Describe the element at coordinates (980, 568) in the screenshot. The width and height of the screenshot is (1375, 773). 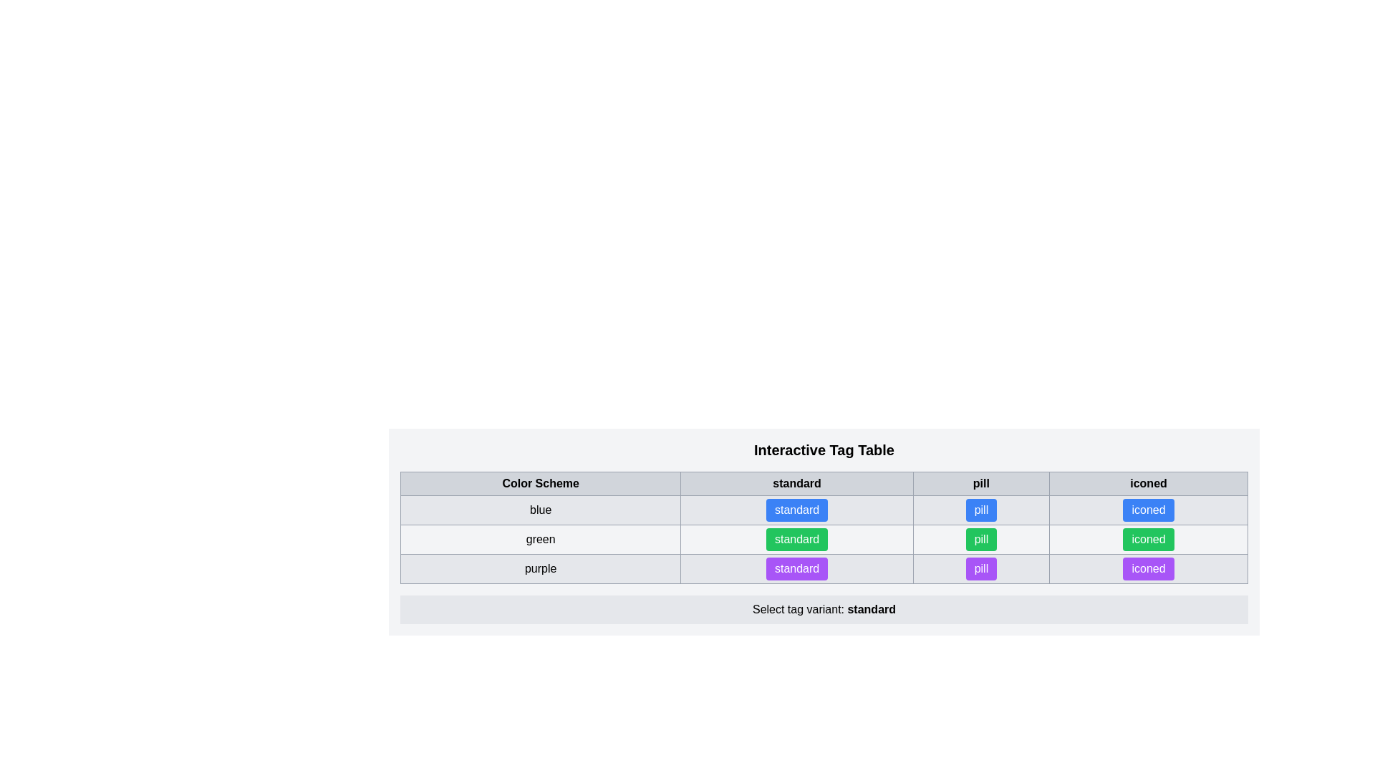
I see `the interactive 'pill' button in the bottom-right cell of the table row, which is part of the 'purple' color scheme` at that location.